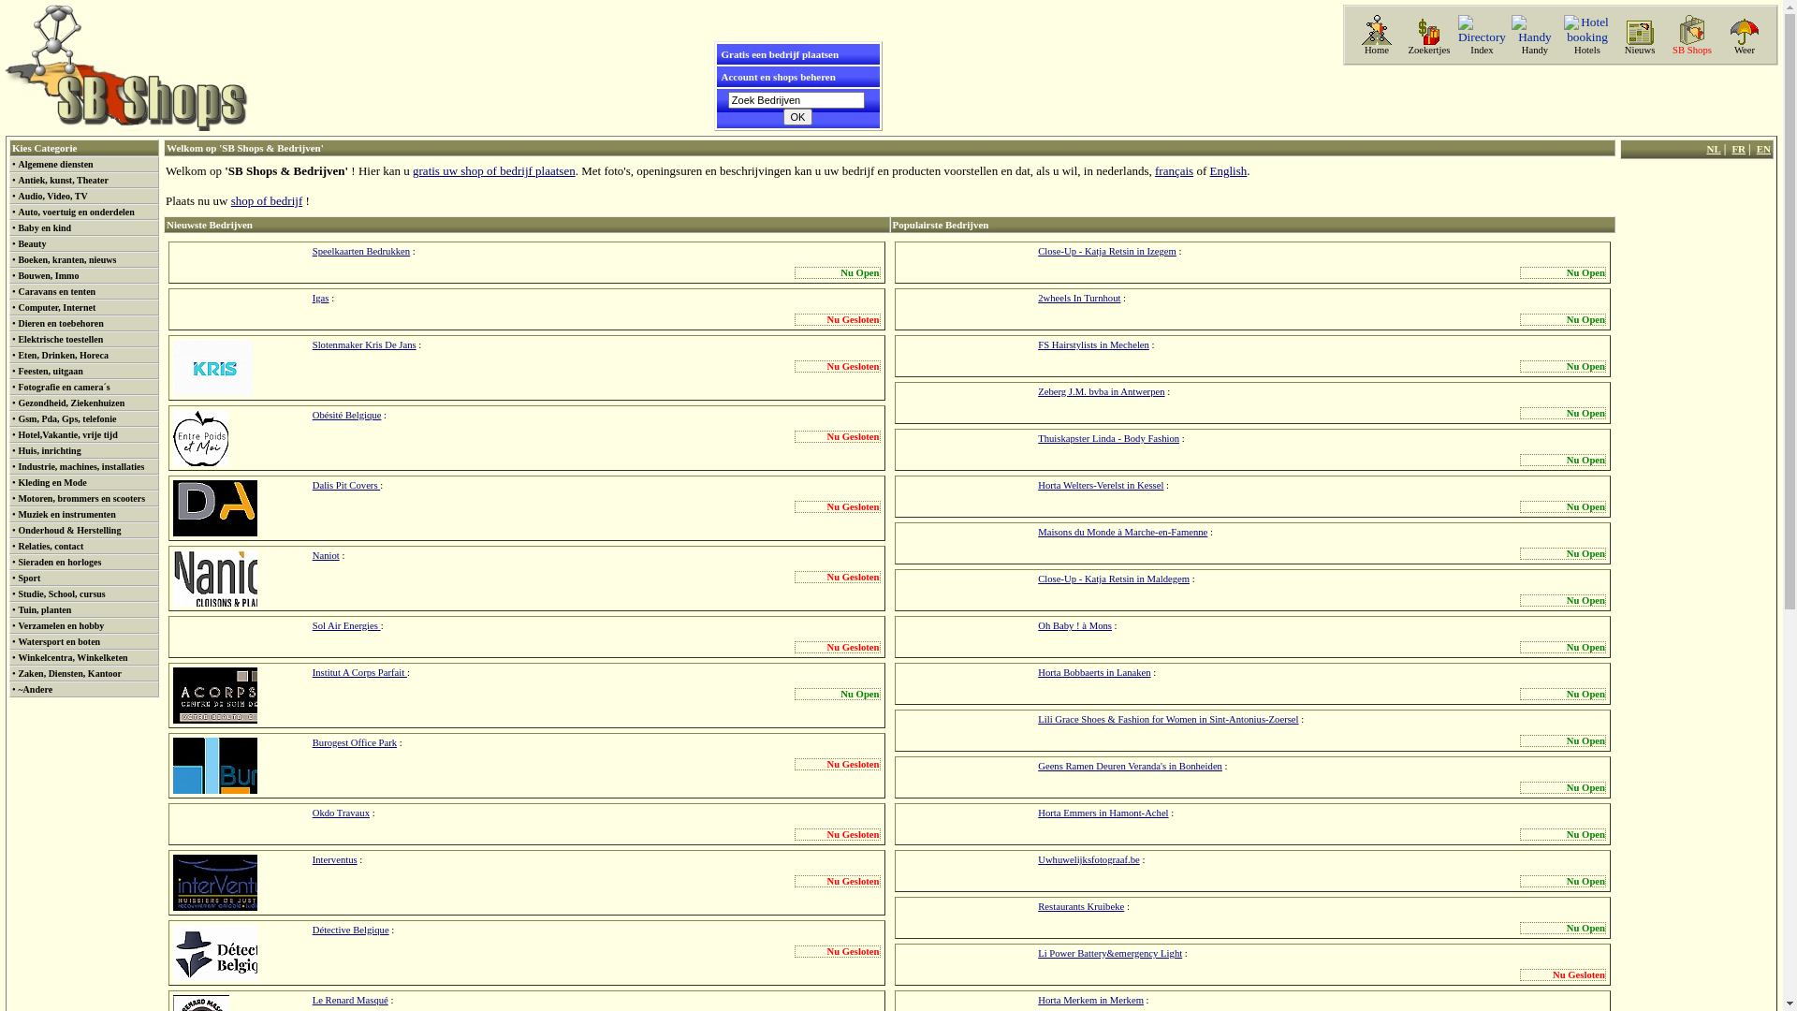 The height and width of the screenshot is (1011, 1797). I want to click on 'EN', so click(1762, 147).